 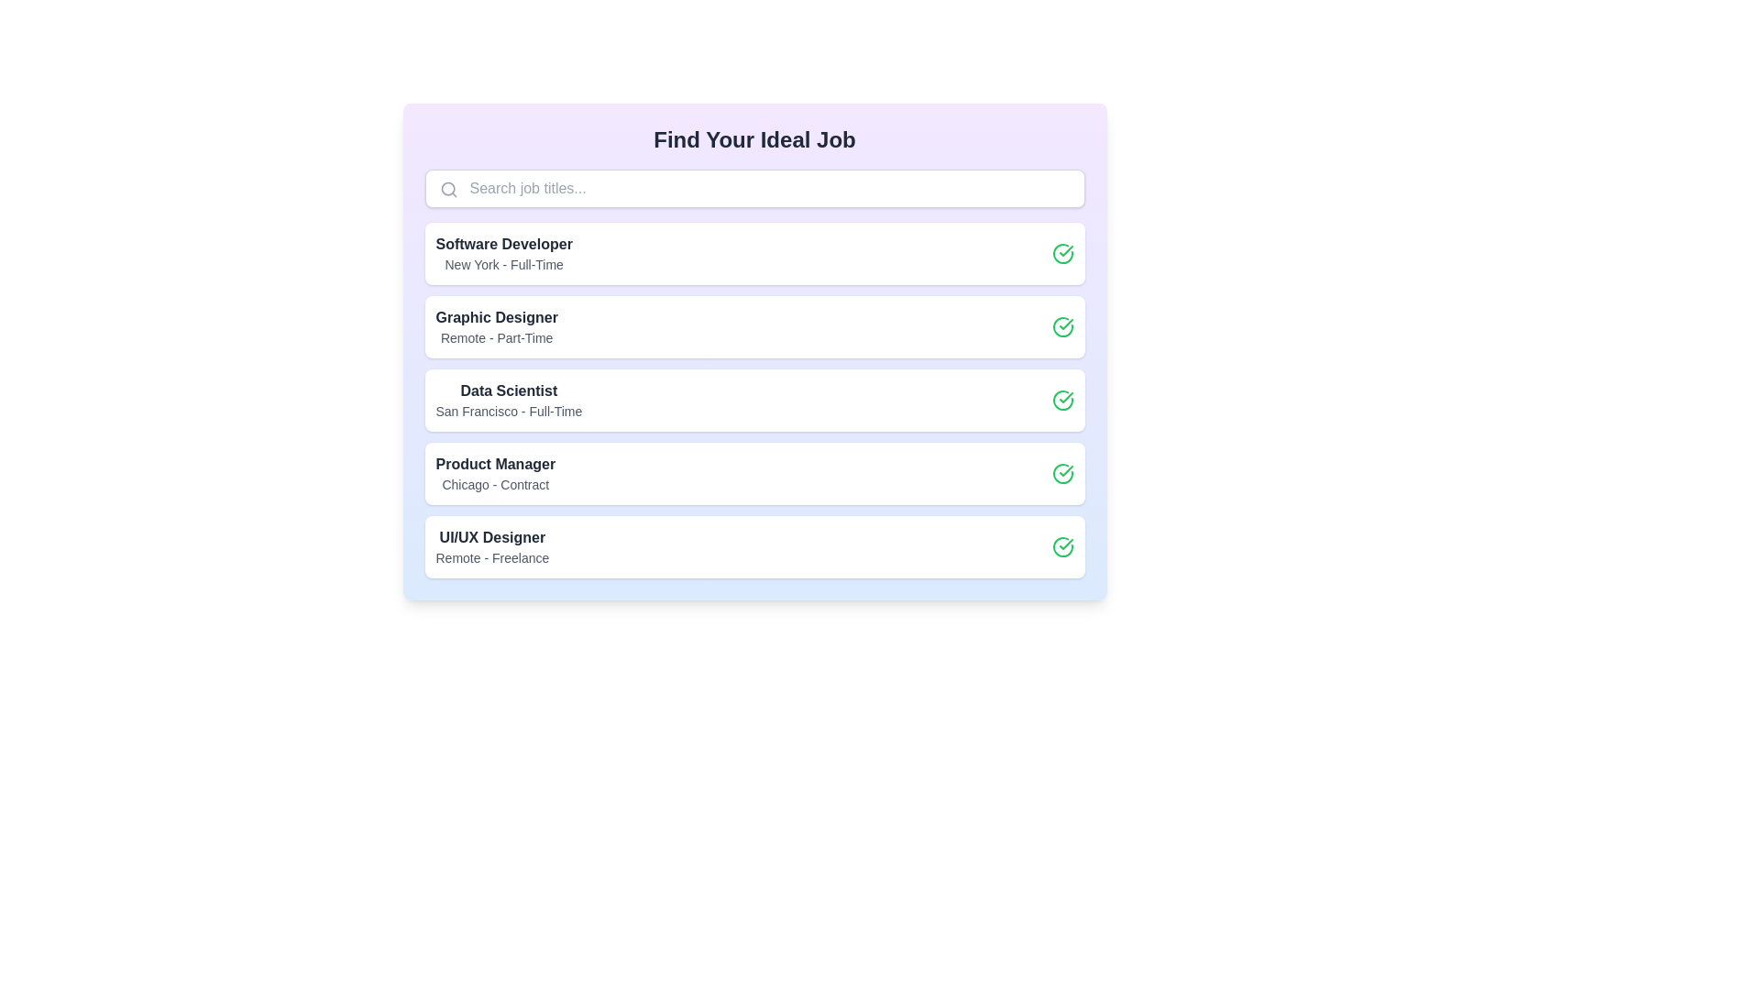 I want to click on the selectable list item representing a job listing for a UI/UX Designer role located at the bottom of a vertical list, so click(x=754, y=546).